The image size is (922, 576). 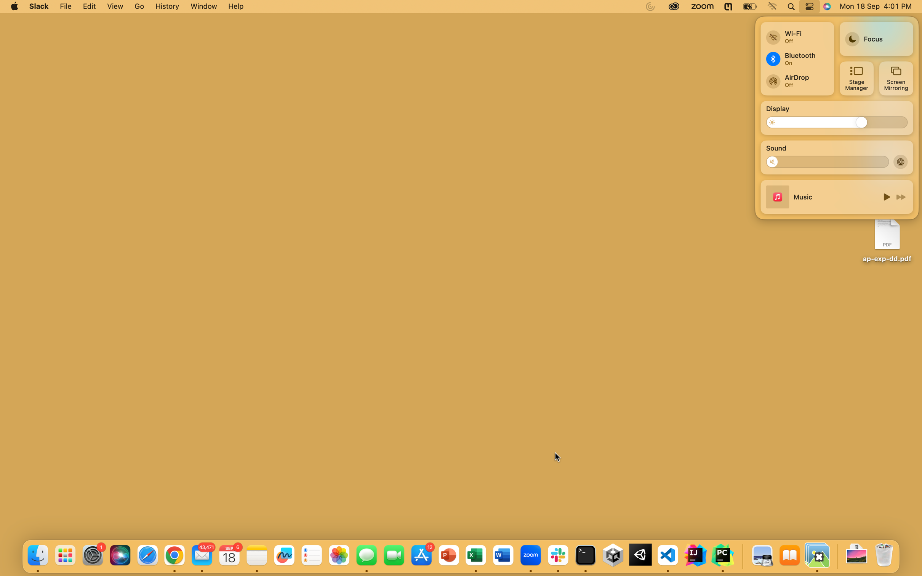 I want to click on Turn on screen mirroring, so click(x=895, y=78).